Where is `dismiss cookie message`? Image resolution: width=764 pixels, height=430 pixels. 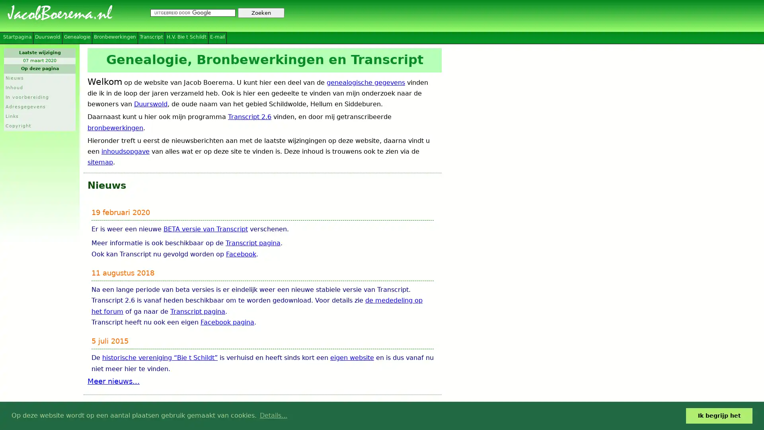 dismiss cookie message is located at coordinates (719, 415).